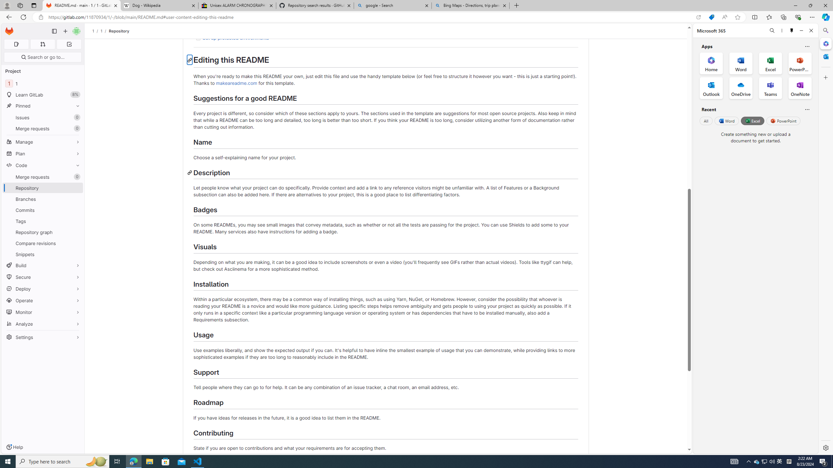  Describe the element at coordinates (711, 63) in the screenshot. I see `'Home Office App'` at that location.